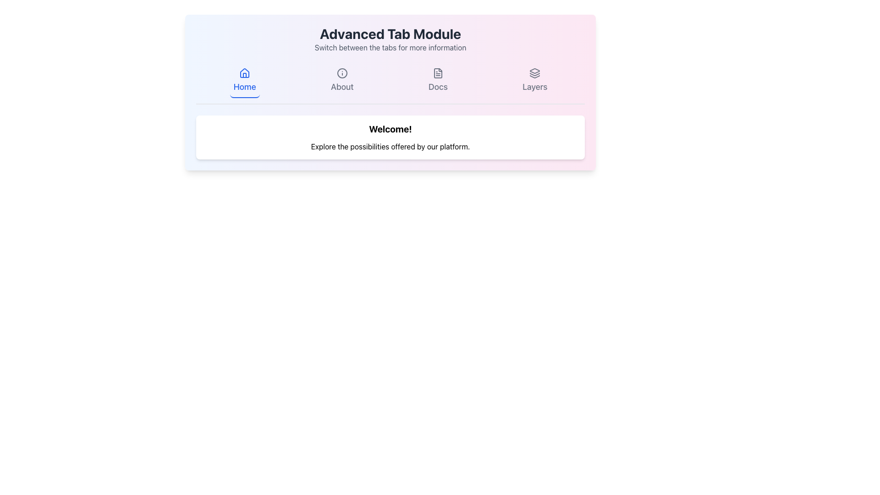 The height and width of the screenshot is (495, 880). Describe the element at coordinates (245, 87) in the screenshot. I see `the 'Home' navigation button text element` at that location.